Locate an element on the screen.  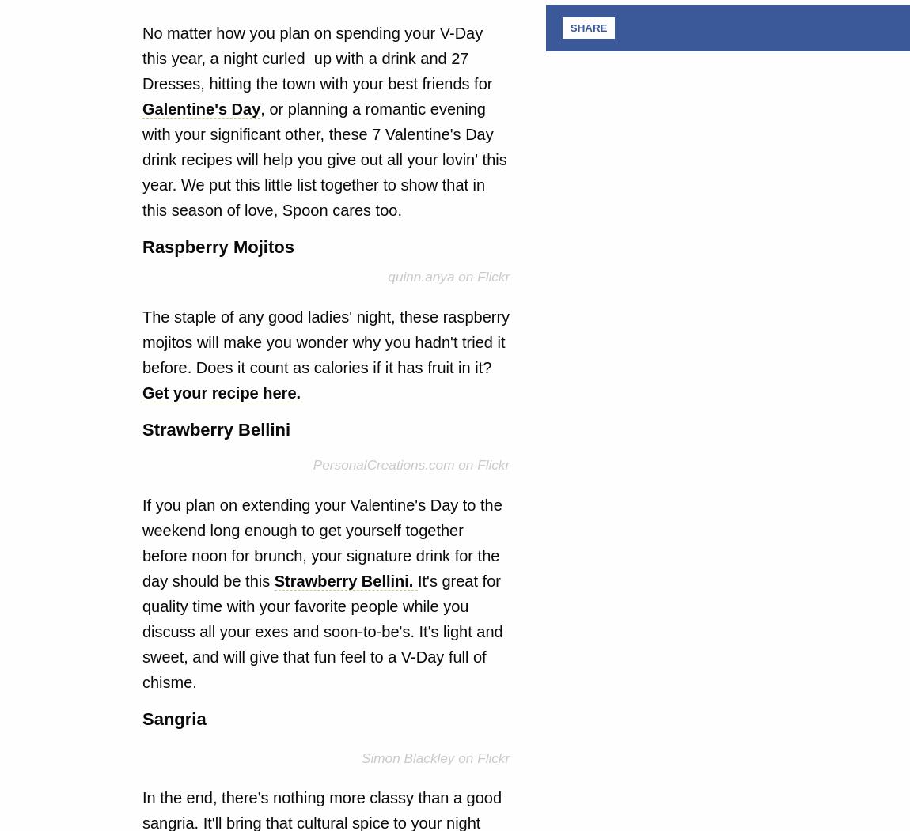
'Raspberry Mojitos' is located at coordinates (217, 246).